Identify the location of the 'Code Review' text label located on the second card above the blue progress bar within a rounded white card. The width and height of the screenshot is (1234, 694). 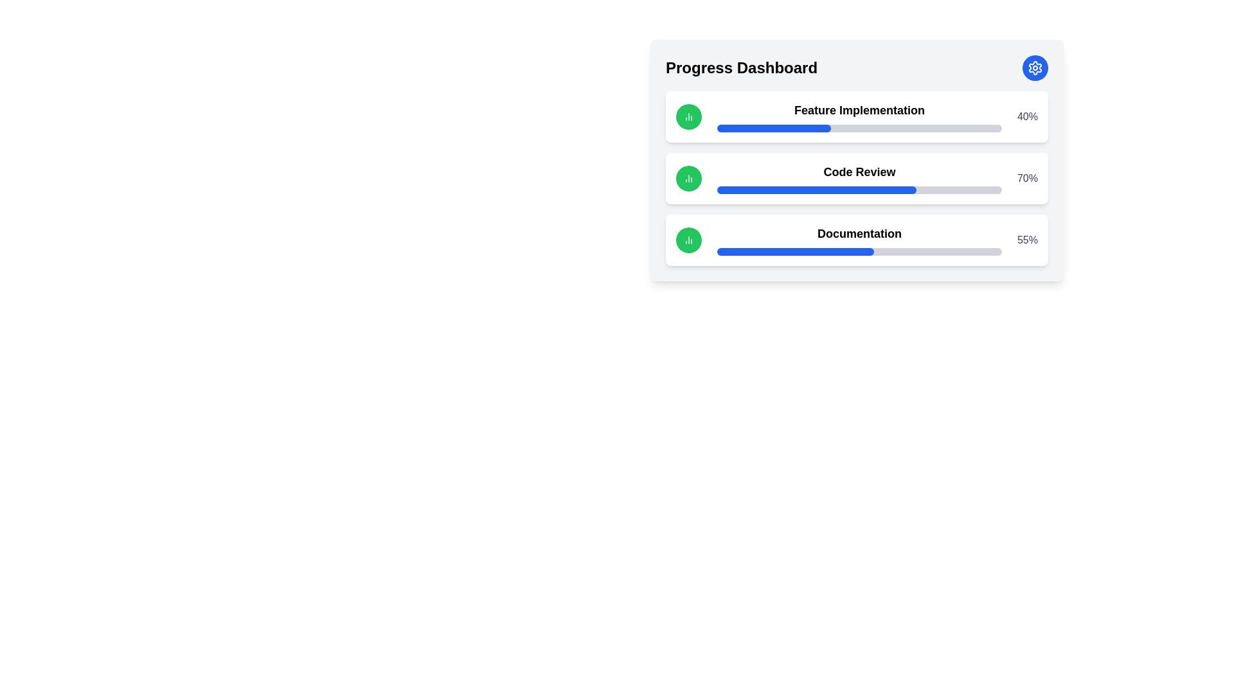
(859, 171).